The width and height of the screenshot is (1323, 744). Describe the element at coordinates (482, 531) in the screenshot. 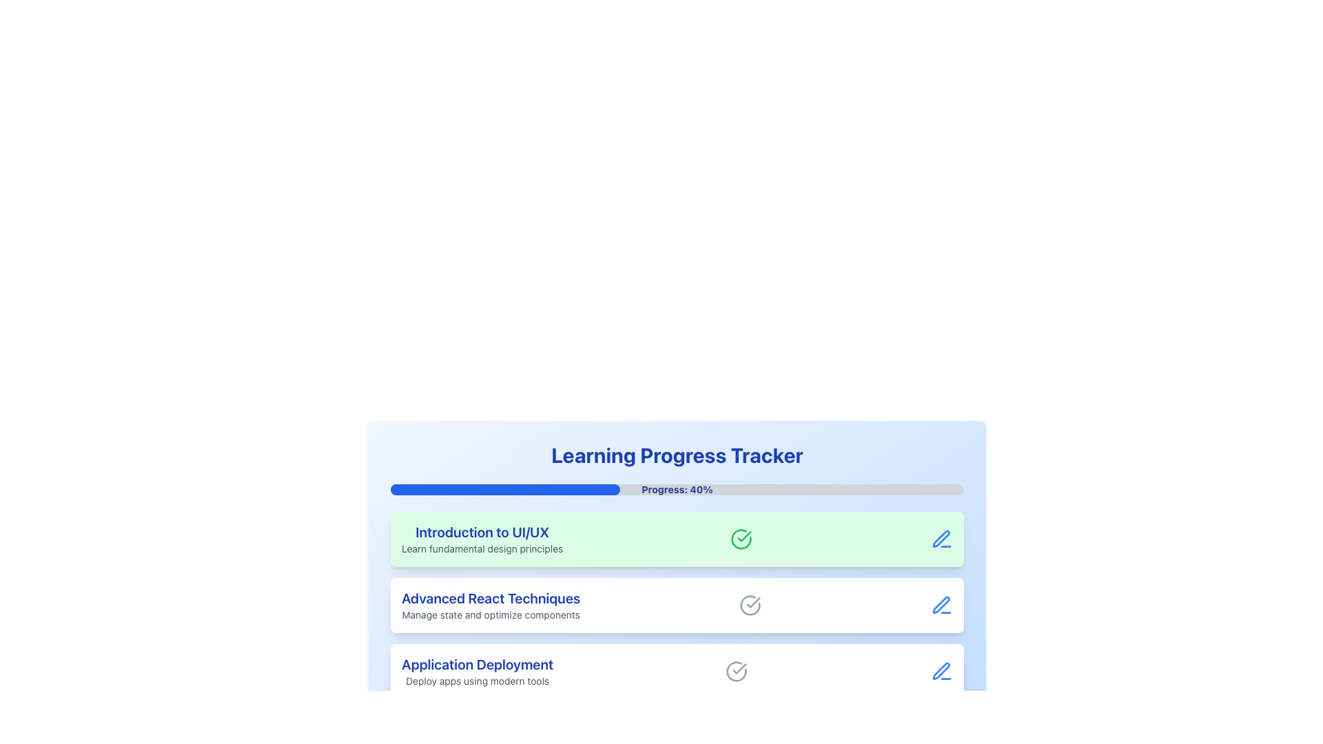

I see `the bold blue text label displaying 'Introduction to UI/UX' which is prominently positioned within a green background rectangle to interact with related features` at that location.